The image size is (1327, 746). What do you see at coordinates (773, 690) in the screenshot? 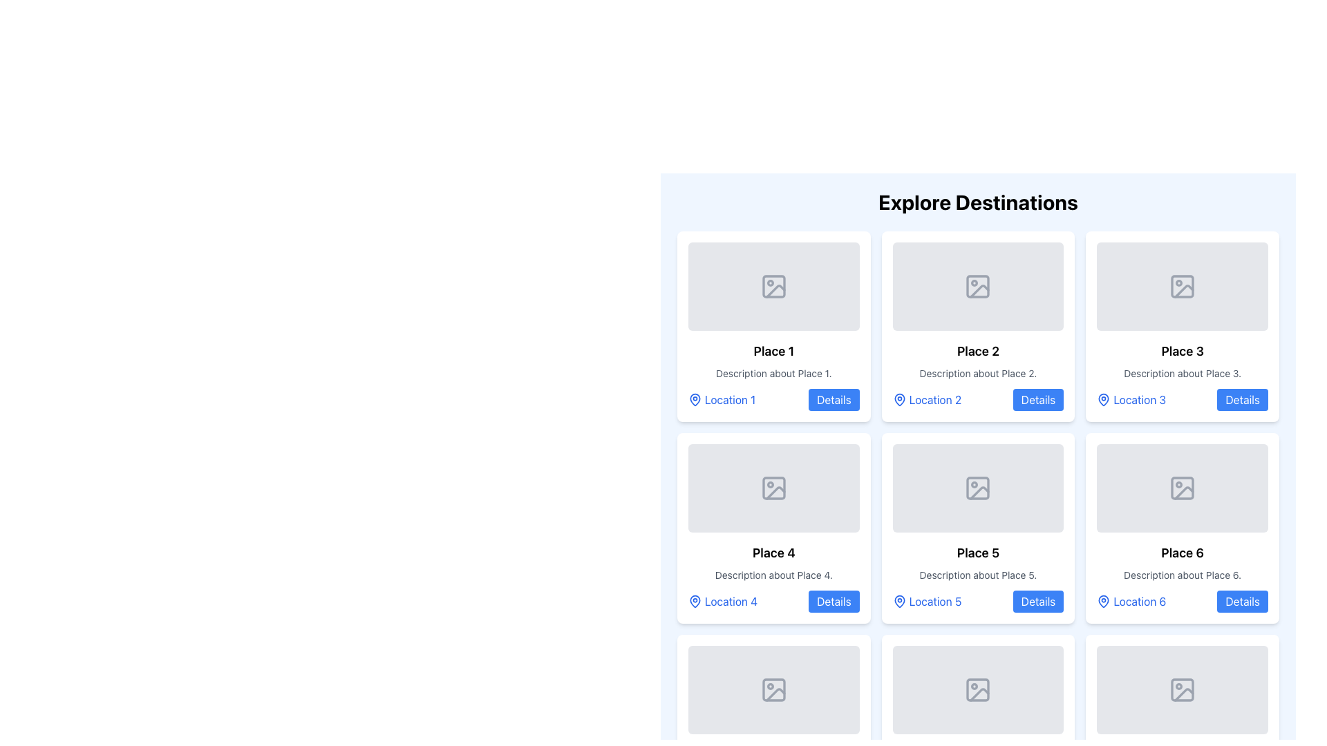
I see `the image placeholder icon, which is a light gray vector graphic with a sun and mountain design, located in the sixth card of the 'Place 5' grid layout` at bounding box center [773, 690].